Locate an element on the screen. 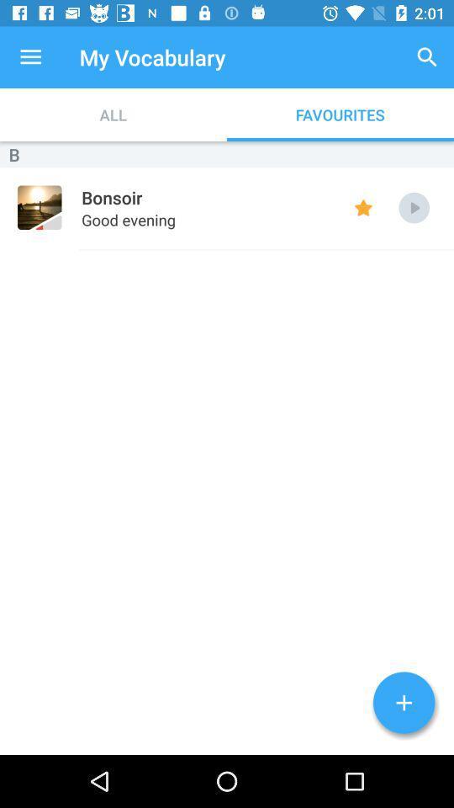 The height and width of the screenshot is (808, 454). option is located at coordinates (413, 207).